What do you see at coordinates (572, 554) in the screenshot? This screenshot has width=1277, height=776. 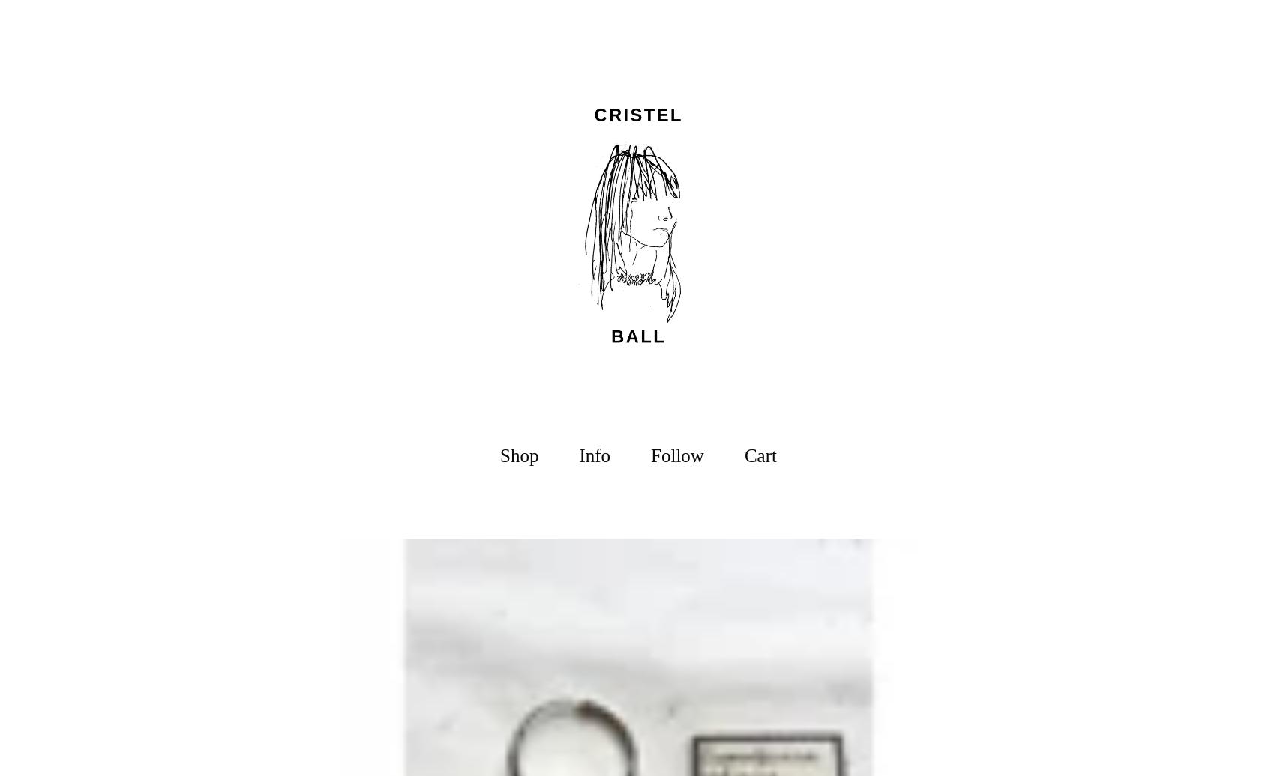 I see `'Publicity'` at bounding box center [572, 554].